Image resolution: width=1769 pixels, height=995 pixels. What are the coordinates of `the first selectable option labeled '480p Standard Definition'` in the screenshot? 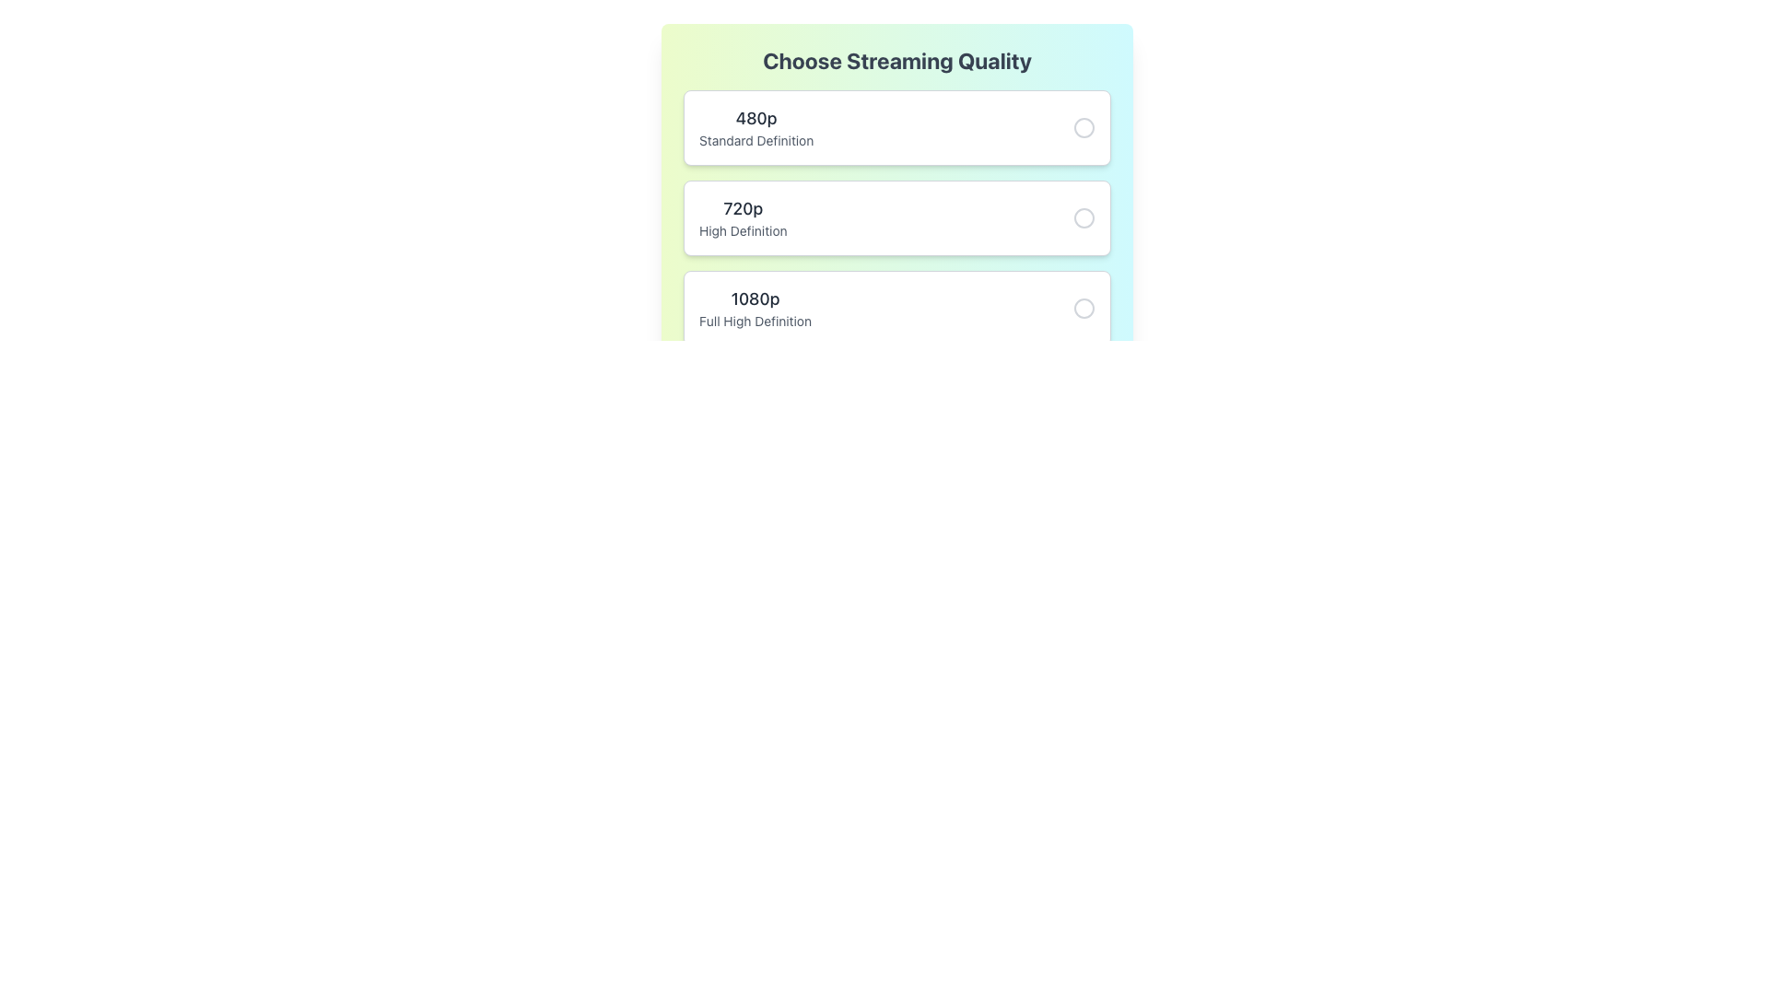 It's located at (897, 126).